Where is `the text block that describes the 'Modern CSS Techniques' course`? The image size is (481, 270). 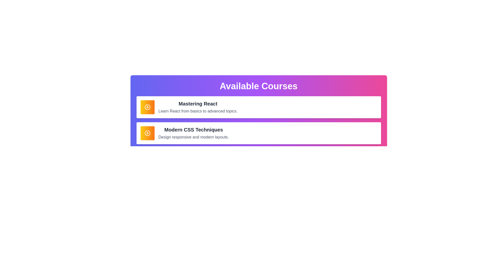 the text block that describes the 'Modern CSS Techniques' course is located at coordinates (193, 133).